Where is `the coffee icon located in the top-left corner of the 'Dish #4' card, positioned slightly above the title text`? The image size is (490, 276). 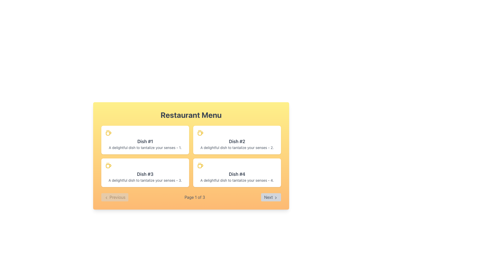 the coffee icon located in the top-left corner of the 'Dish #4' card, positioned slightly above the title text is located at coordinates (200, 166).